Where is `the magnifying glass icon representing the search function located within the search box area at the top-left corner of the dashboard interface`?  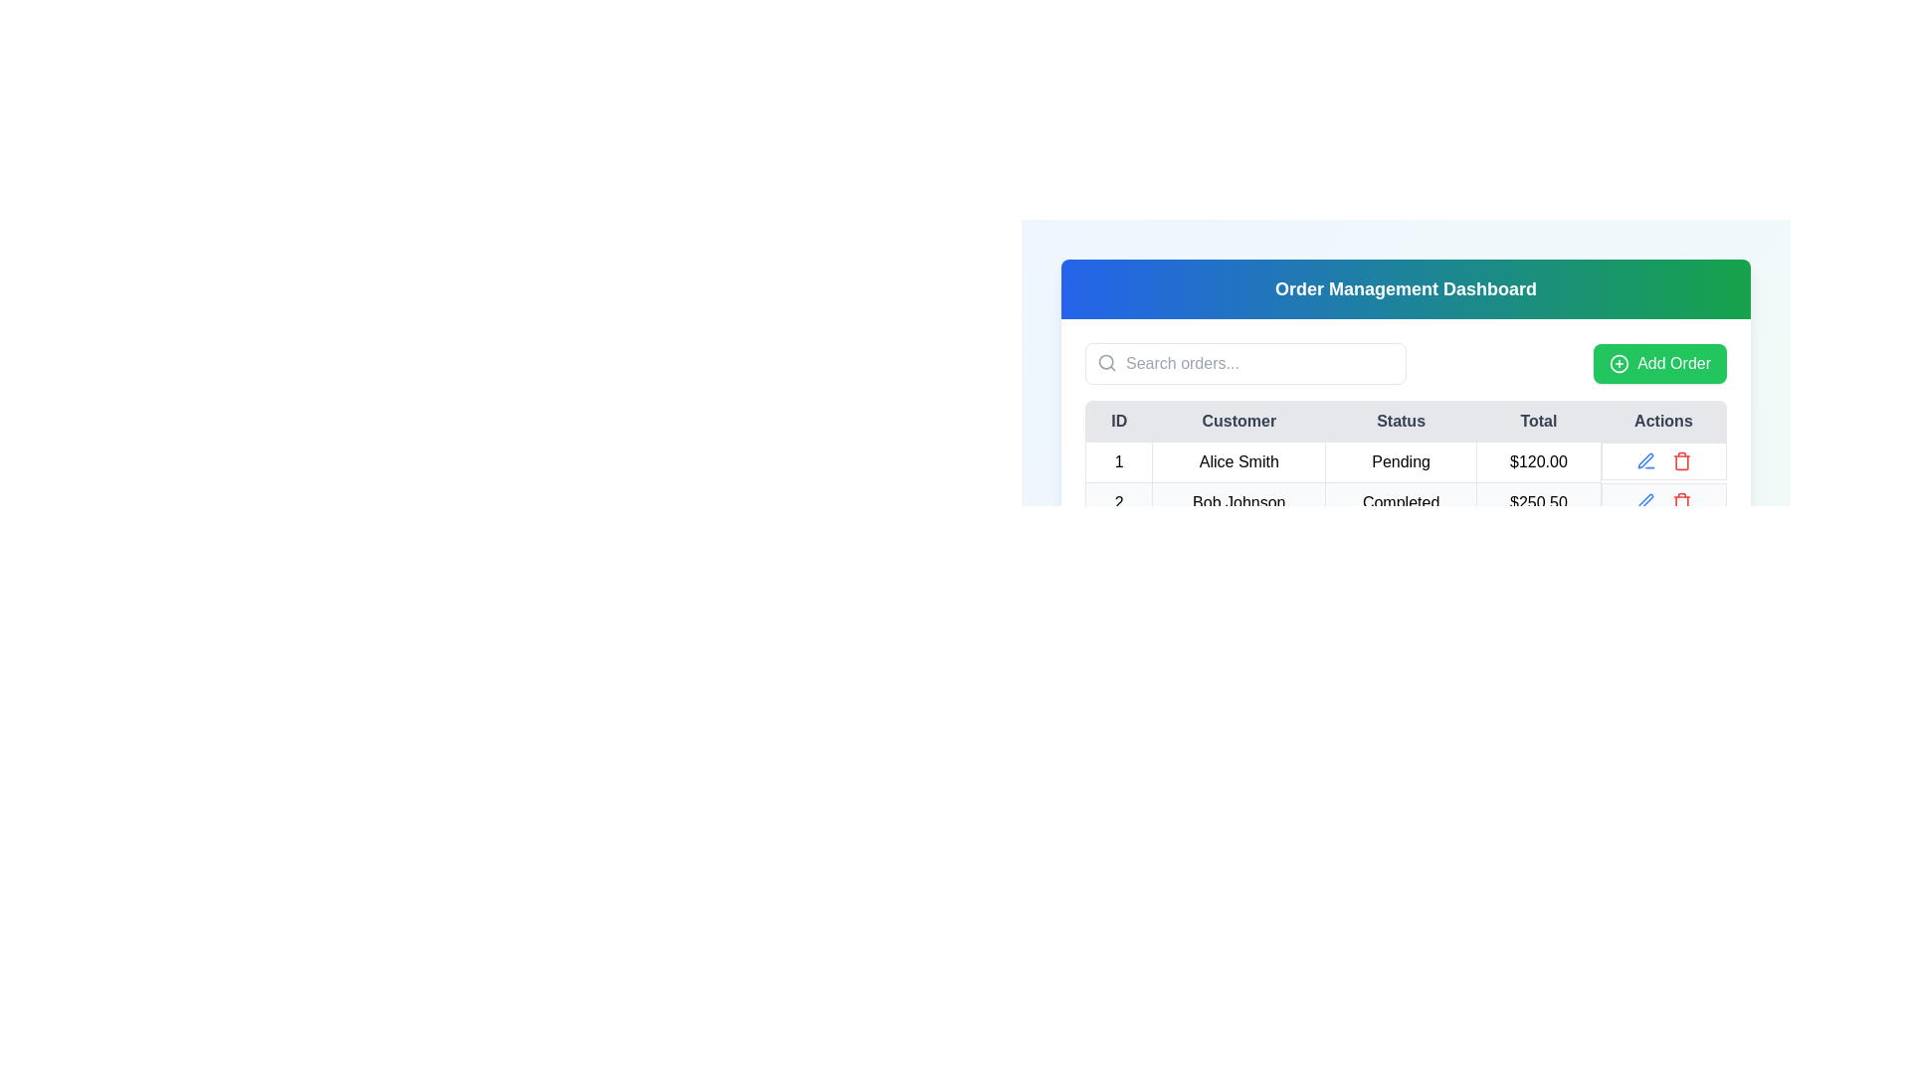
the magnifying glass icon representing the search function located within the search box area at the top-left corner of the dashboard interface is located at coordinates (1106, 363).